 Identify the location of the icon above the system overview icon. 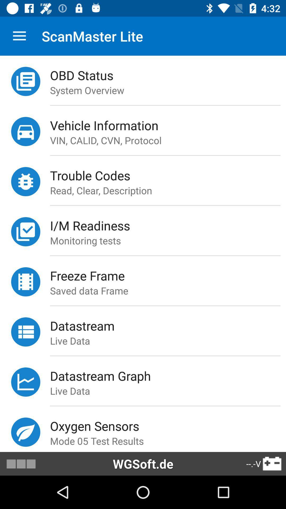
(168, 75).